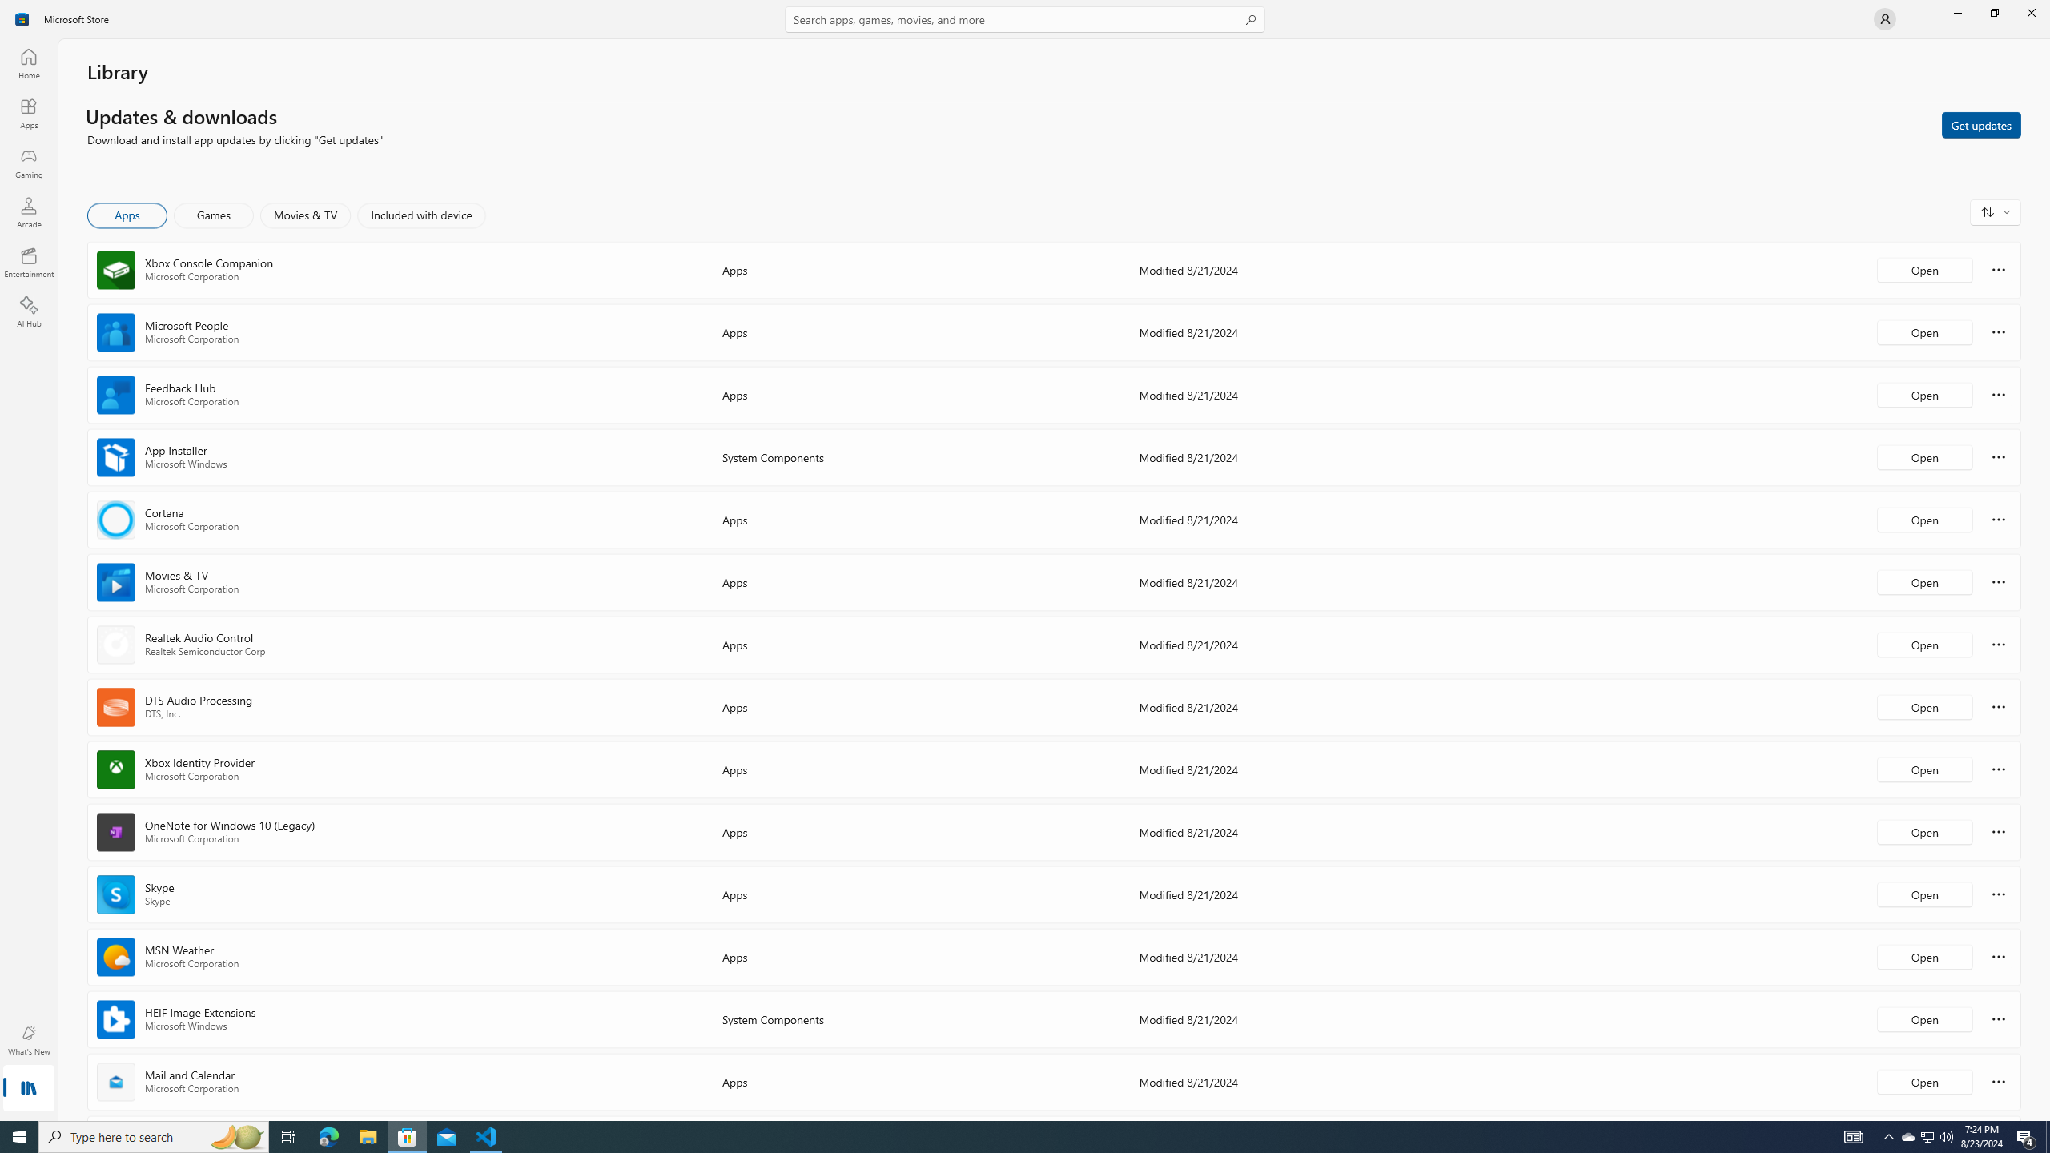 The height and width of the screenshot is (1153, 2050). Describe the element at coordinates (1998, 1080) in the screenshot. I see `'More options'` at that location.